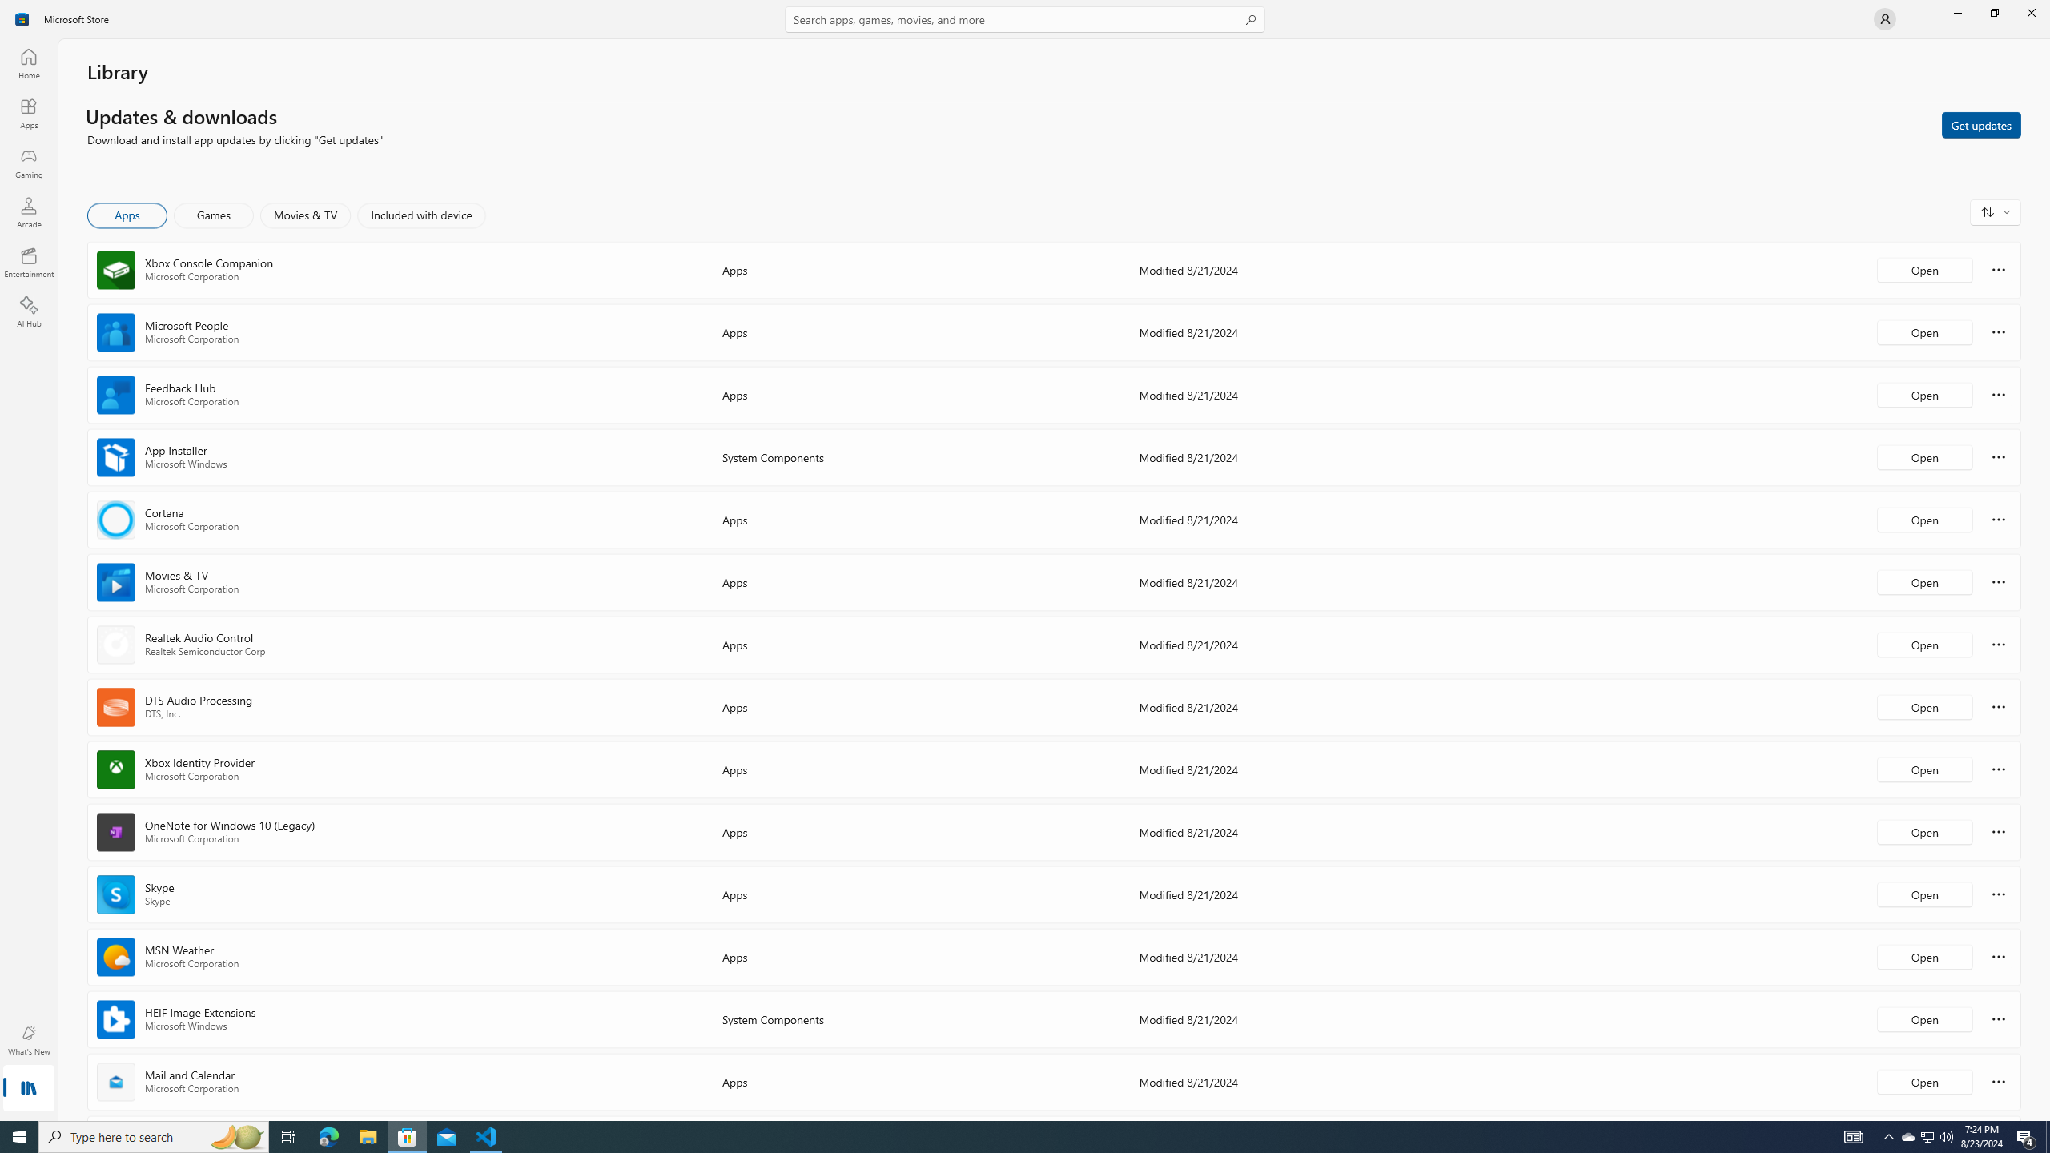 The height and width of the screenshot is (1153, 2050). Describe the element at coordinates (1998, 1080) in the screenshot. I see `'More options'` at that location.